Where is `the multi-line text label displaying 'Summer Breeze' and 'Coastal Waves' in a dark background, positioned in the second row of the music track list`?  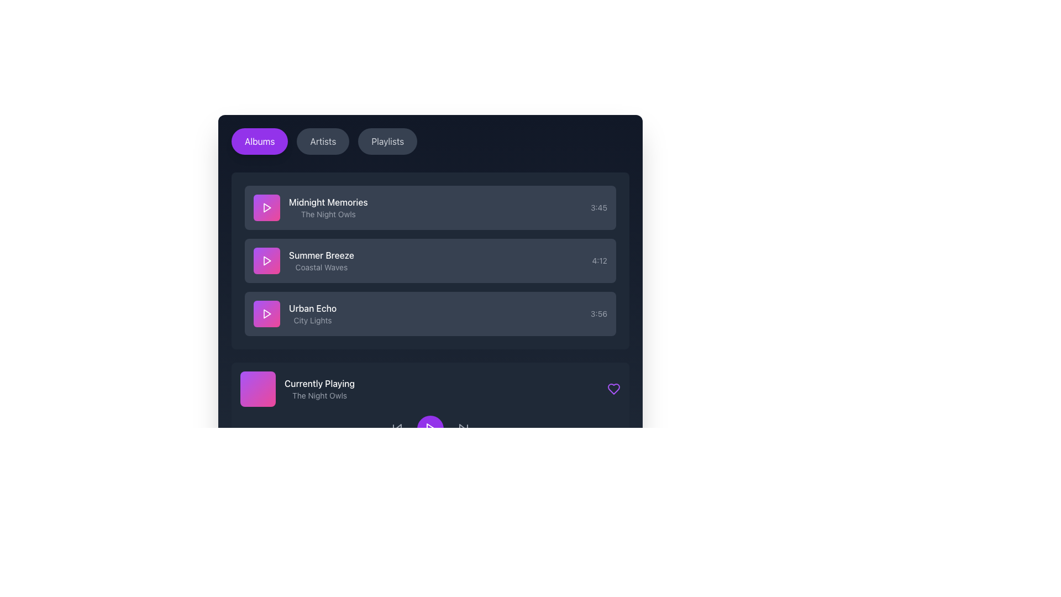 the multi-line text label displaying 'Summer Breeze' and 'Coastal Waves' in a dark background, positioned in the second row of the music track list is located at coordinates (321, 260).